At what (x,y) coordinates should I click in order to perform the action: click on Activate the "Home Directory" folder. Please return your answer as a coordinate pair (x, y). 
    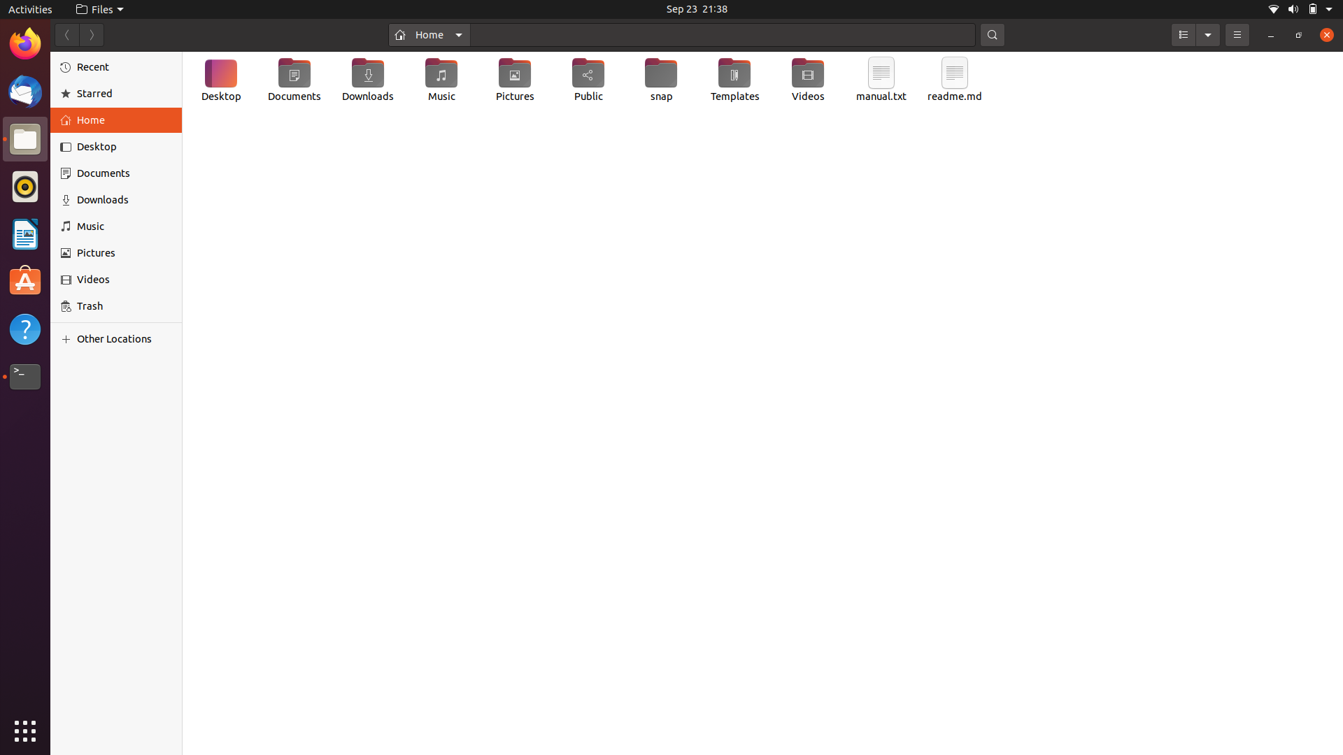
    Looking at the image, I should click on (428, 34).